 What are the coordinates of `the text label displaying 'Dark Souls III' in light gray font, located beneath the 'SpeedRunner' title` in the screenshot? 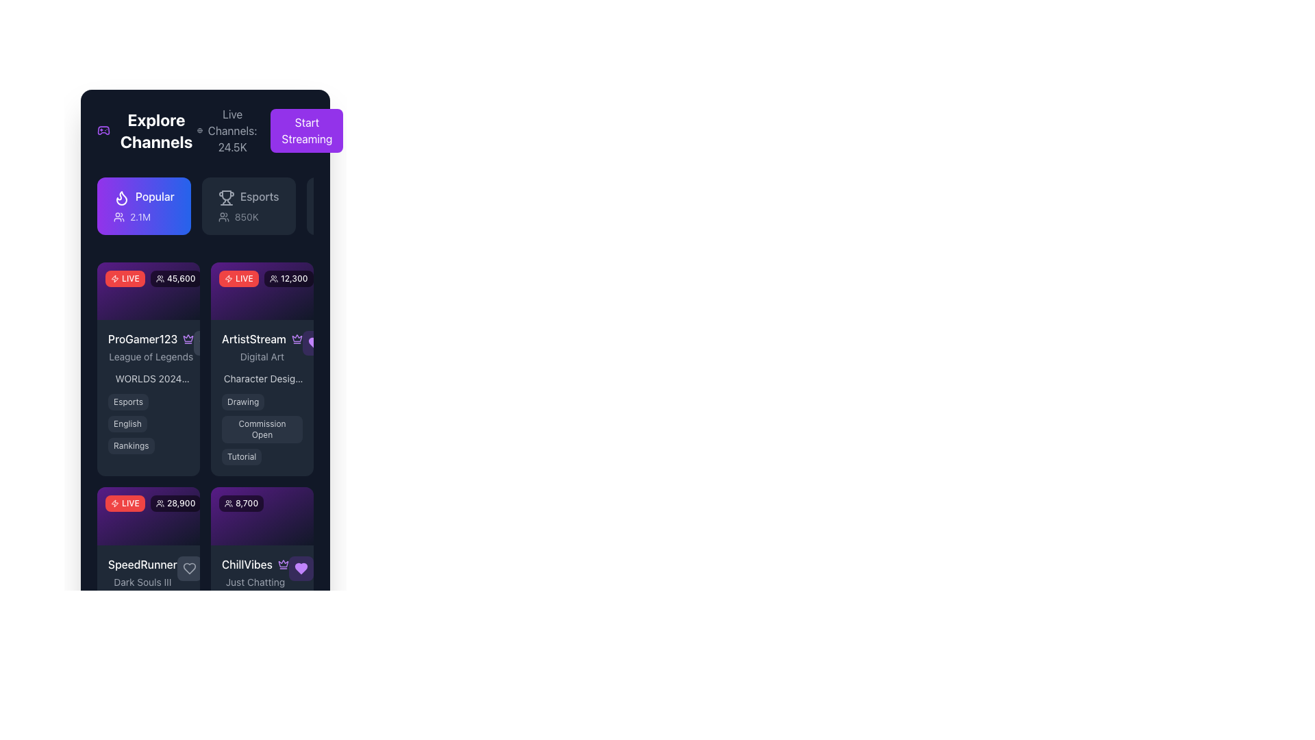 It's located at (142, 582).